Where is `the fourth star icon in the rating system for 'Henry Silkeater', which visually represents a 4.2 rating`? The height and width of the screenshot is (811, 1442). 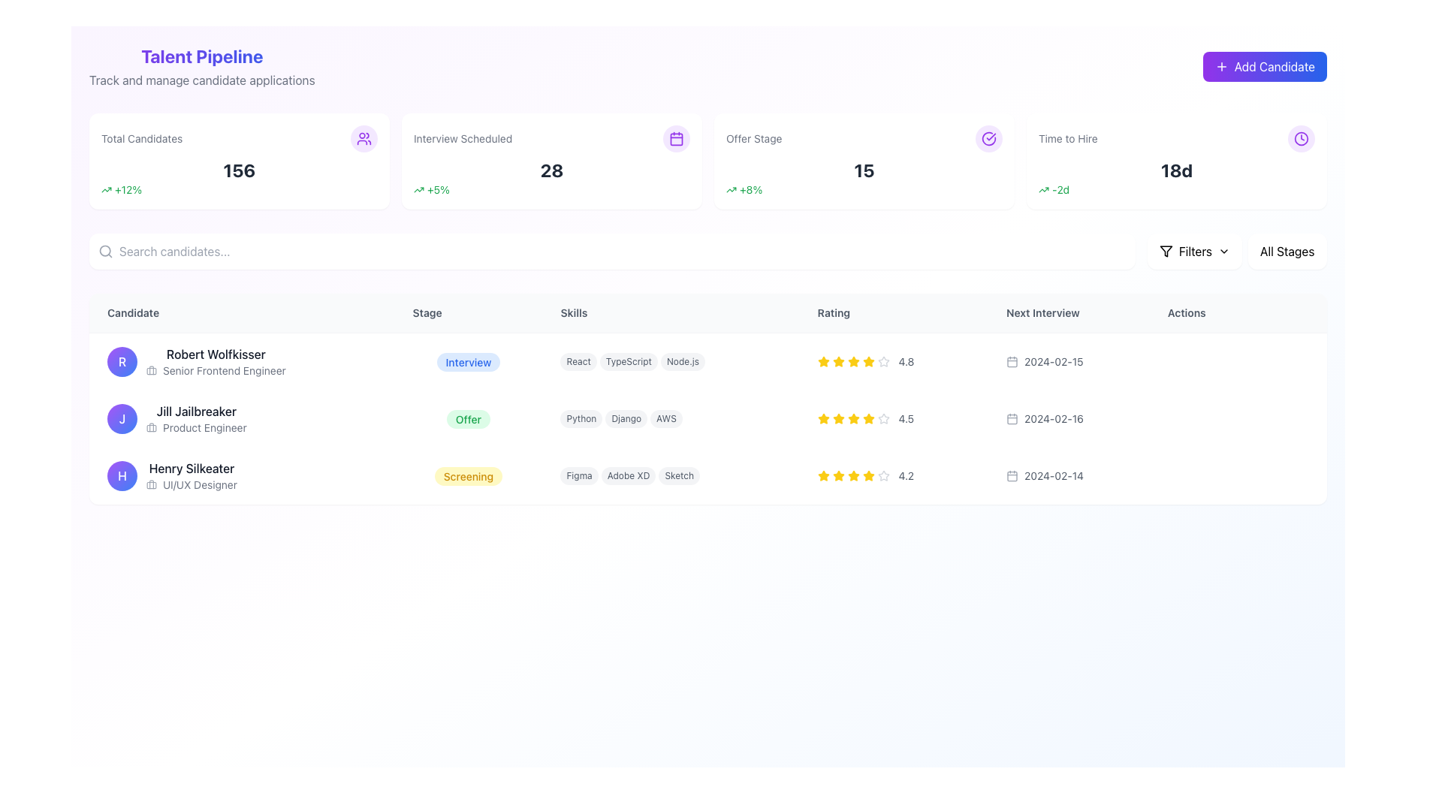
the fourth star icon in the rating system for 'Henry Silkeater', which visually represents a 4.2 rating is located at coordinates (853, 475).